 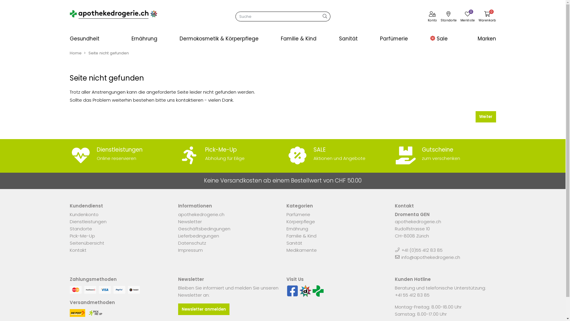 What do you see at coordinates (432, 17) in the screenshot?
I see `'Konto'` at bounding box center [432, 17].